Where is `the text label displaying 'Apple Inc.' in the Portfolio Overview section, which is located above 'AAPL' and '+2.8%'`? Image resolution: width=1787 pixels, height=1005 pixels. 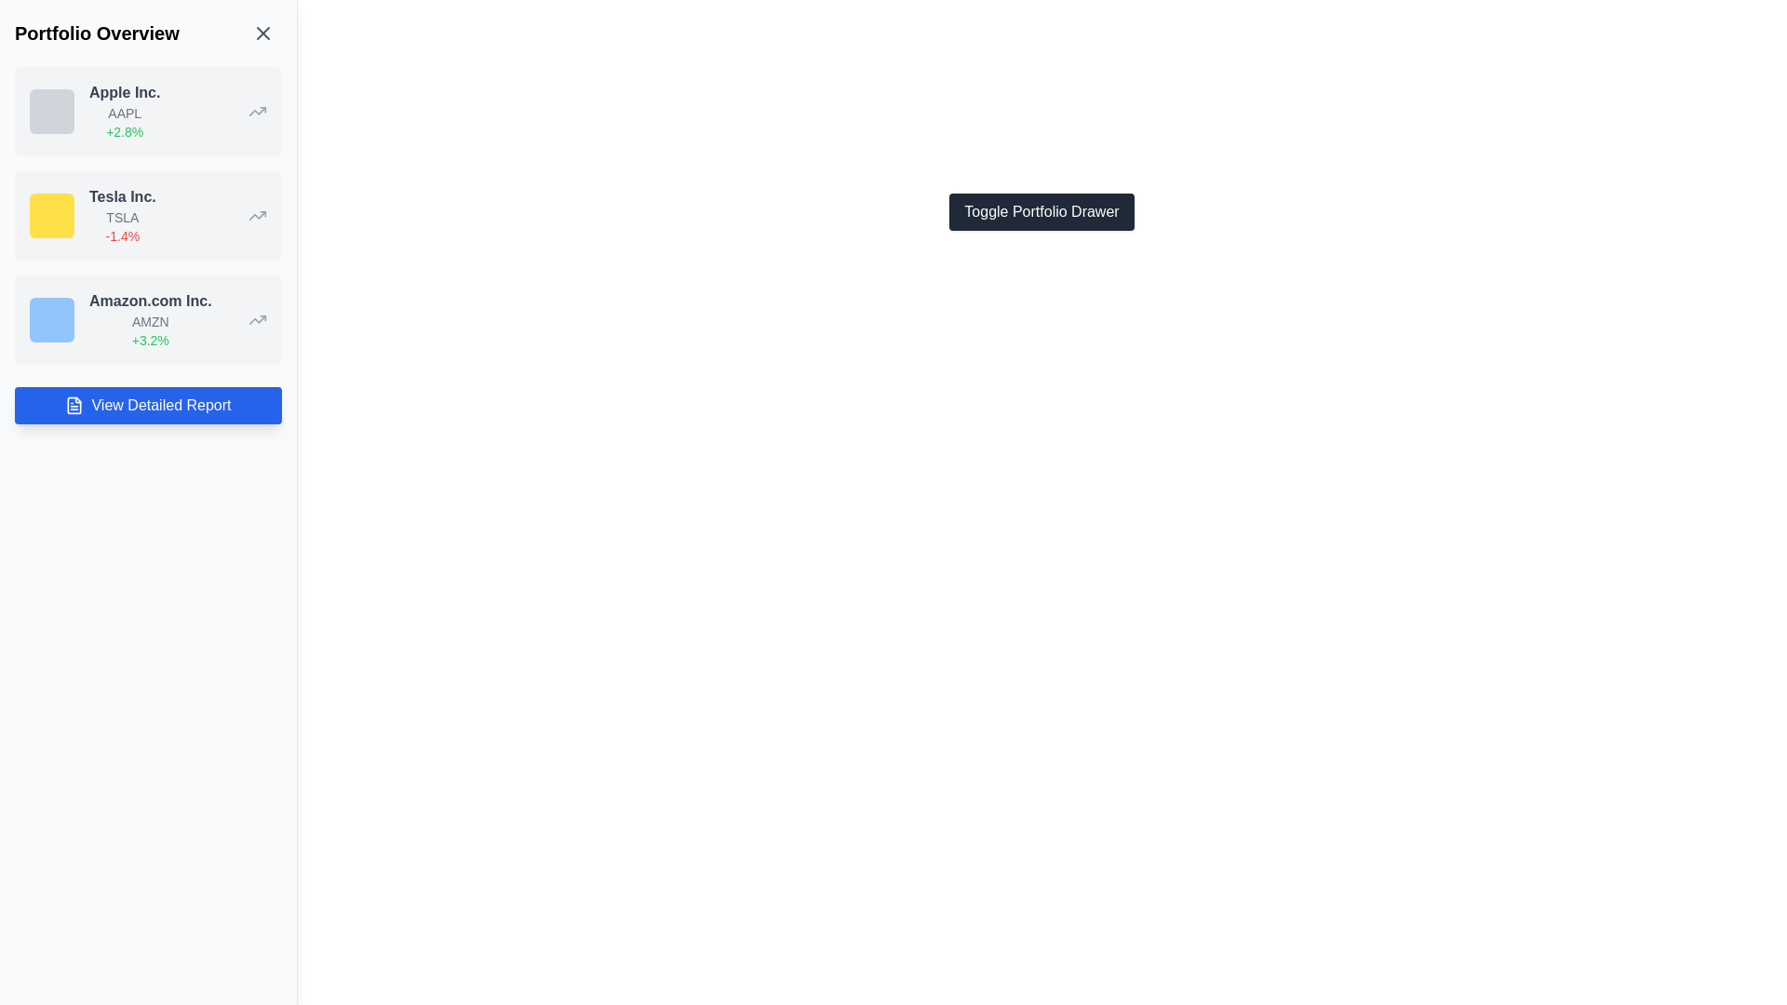 the text label displaying 'Apple Inc.' in the Portfolio Overview section, which is located above 'AAPL' and '+2.8%' is located at coordinates (124, 93).